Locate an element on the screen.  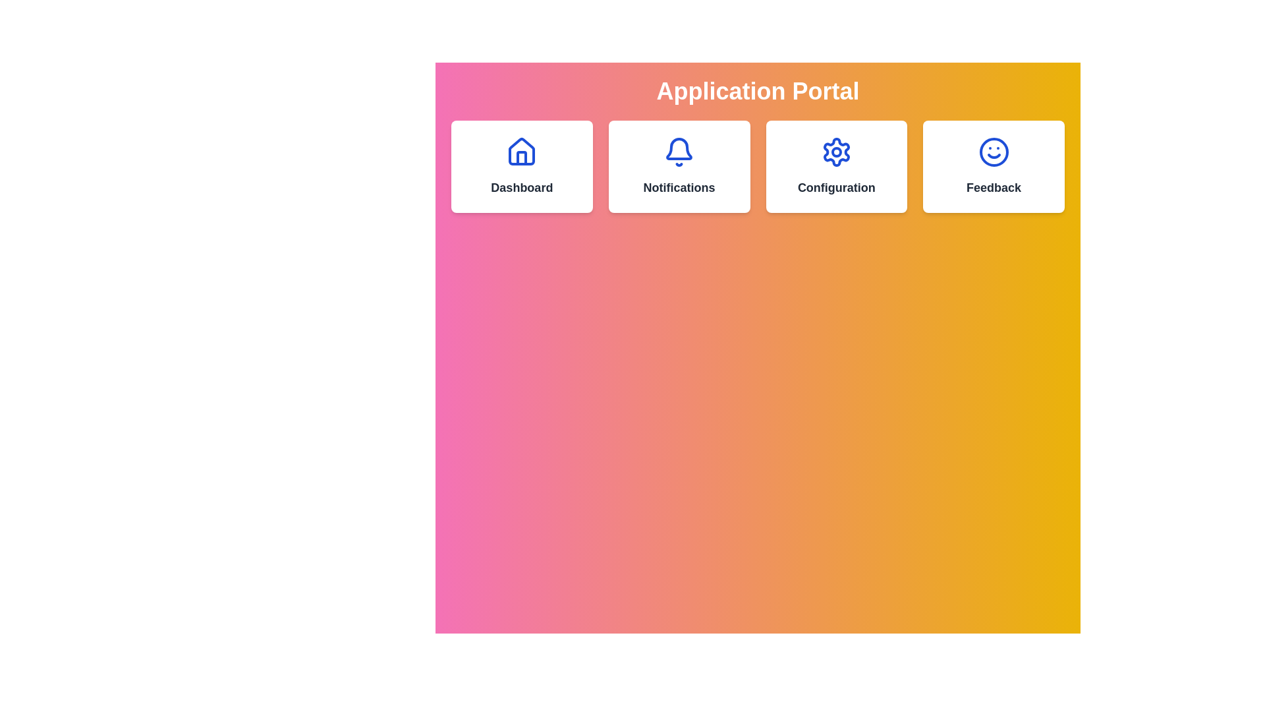
the 'Notifications' text label, which is bold and larger than surrounding text, located in the second box of a horizontal menu is located at coordinates (679, 188).